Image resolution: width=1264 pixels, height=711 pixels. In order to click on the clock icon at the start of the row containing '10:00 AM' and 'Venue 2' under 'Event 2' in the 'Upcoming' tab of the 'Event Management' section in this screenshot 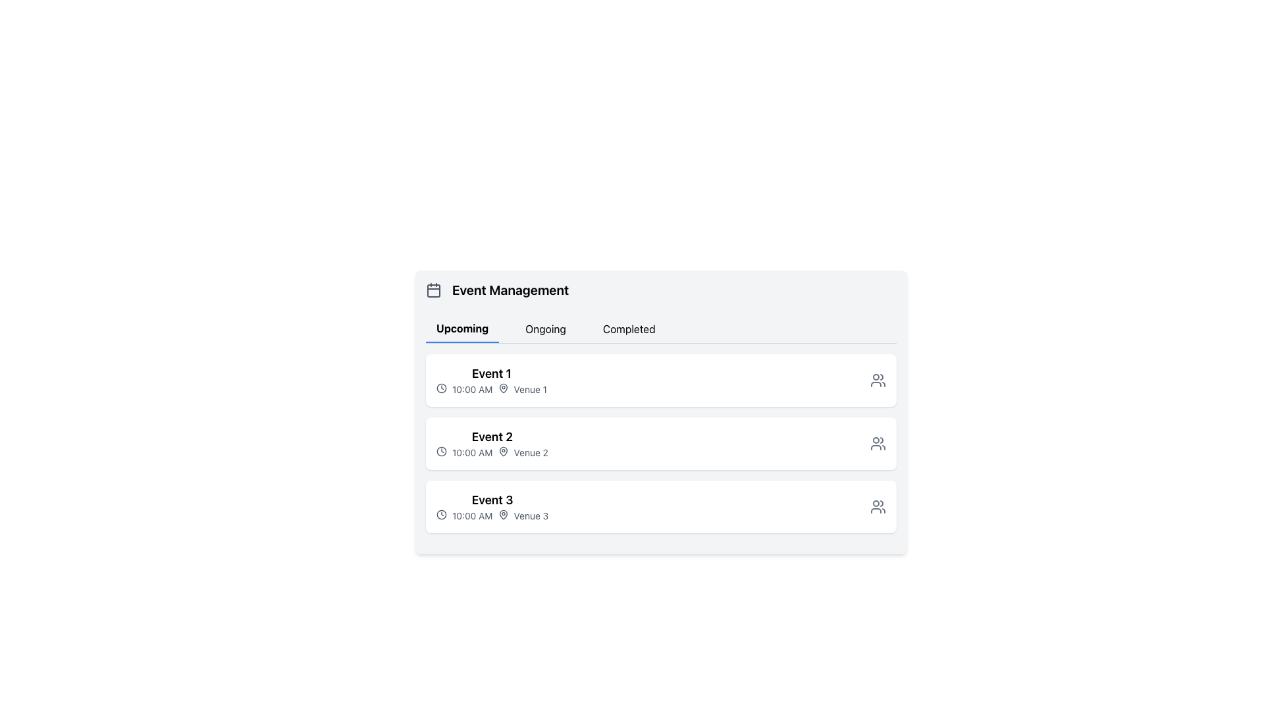, I will do `click(442, 451)`.